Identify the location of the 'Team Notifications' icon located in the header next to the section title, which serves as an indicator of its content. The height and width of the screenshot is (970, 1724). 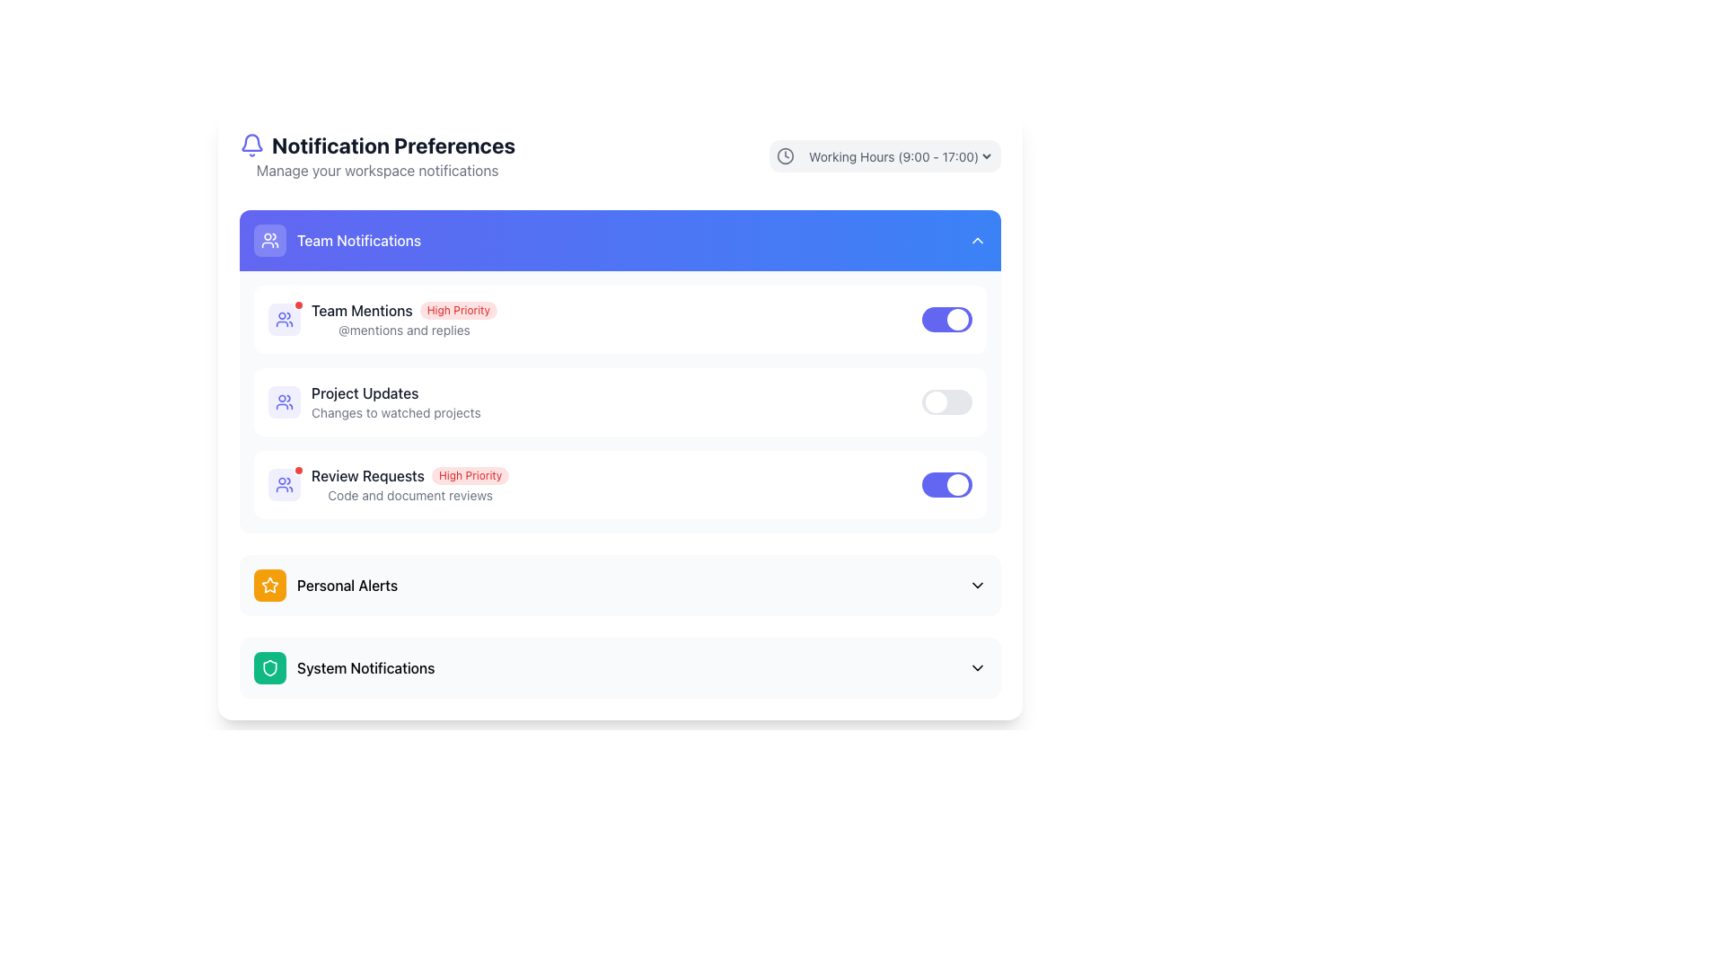
(283, 401).